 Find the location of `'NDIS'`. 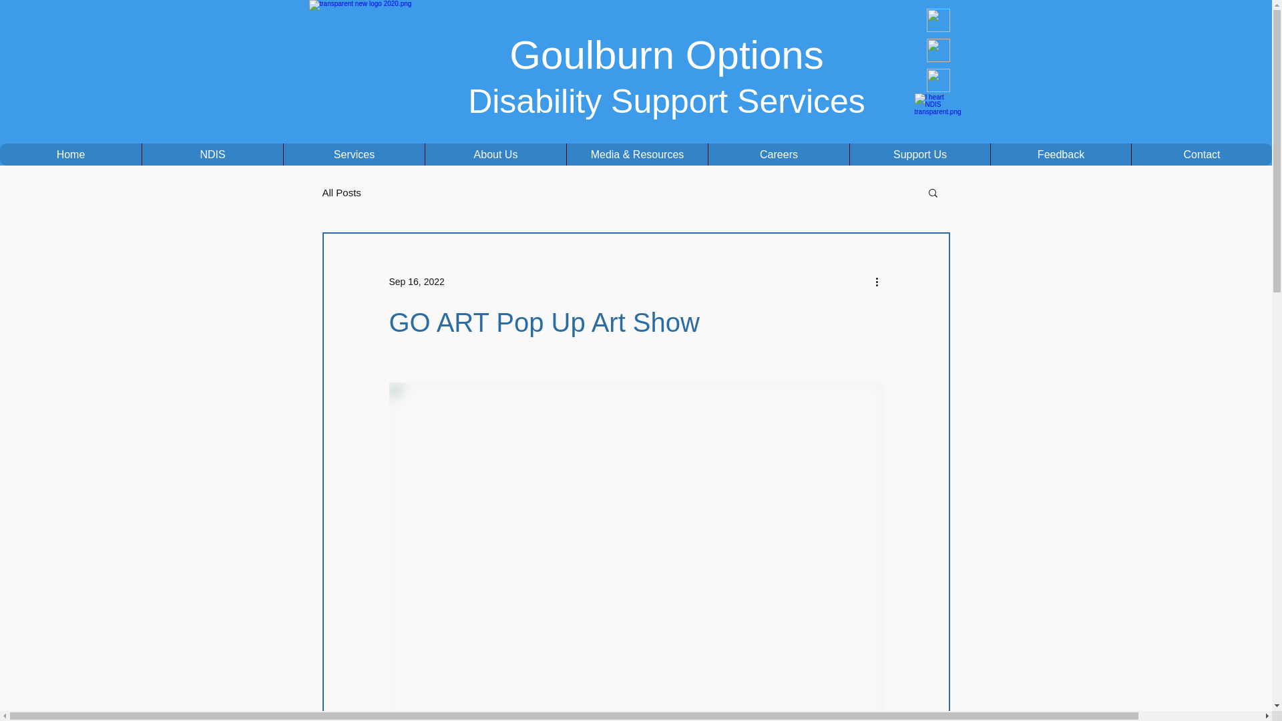

'NDIS' is located at coordinates (211, 154).